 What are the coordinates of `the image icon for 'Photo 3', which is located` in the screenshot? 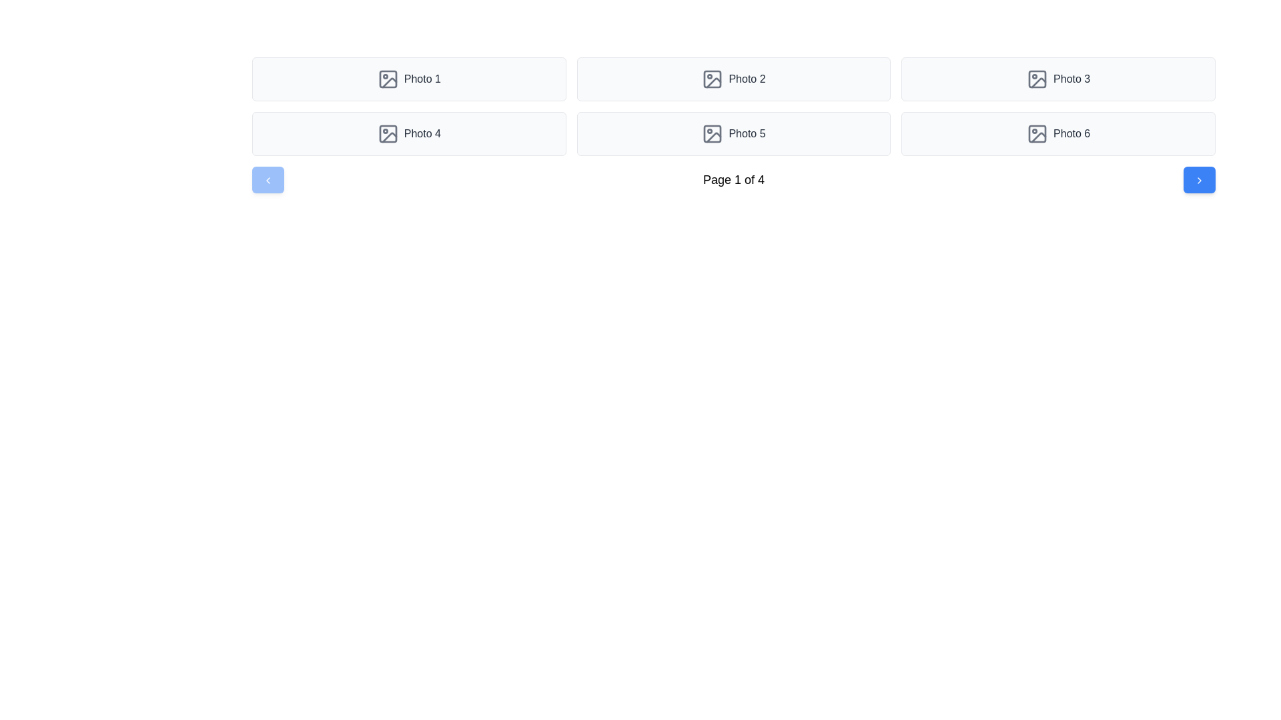 It's located at (1037, 79).